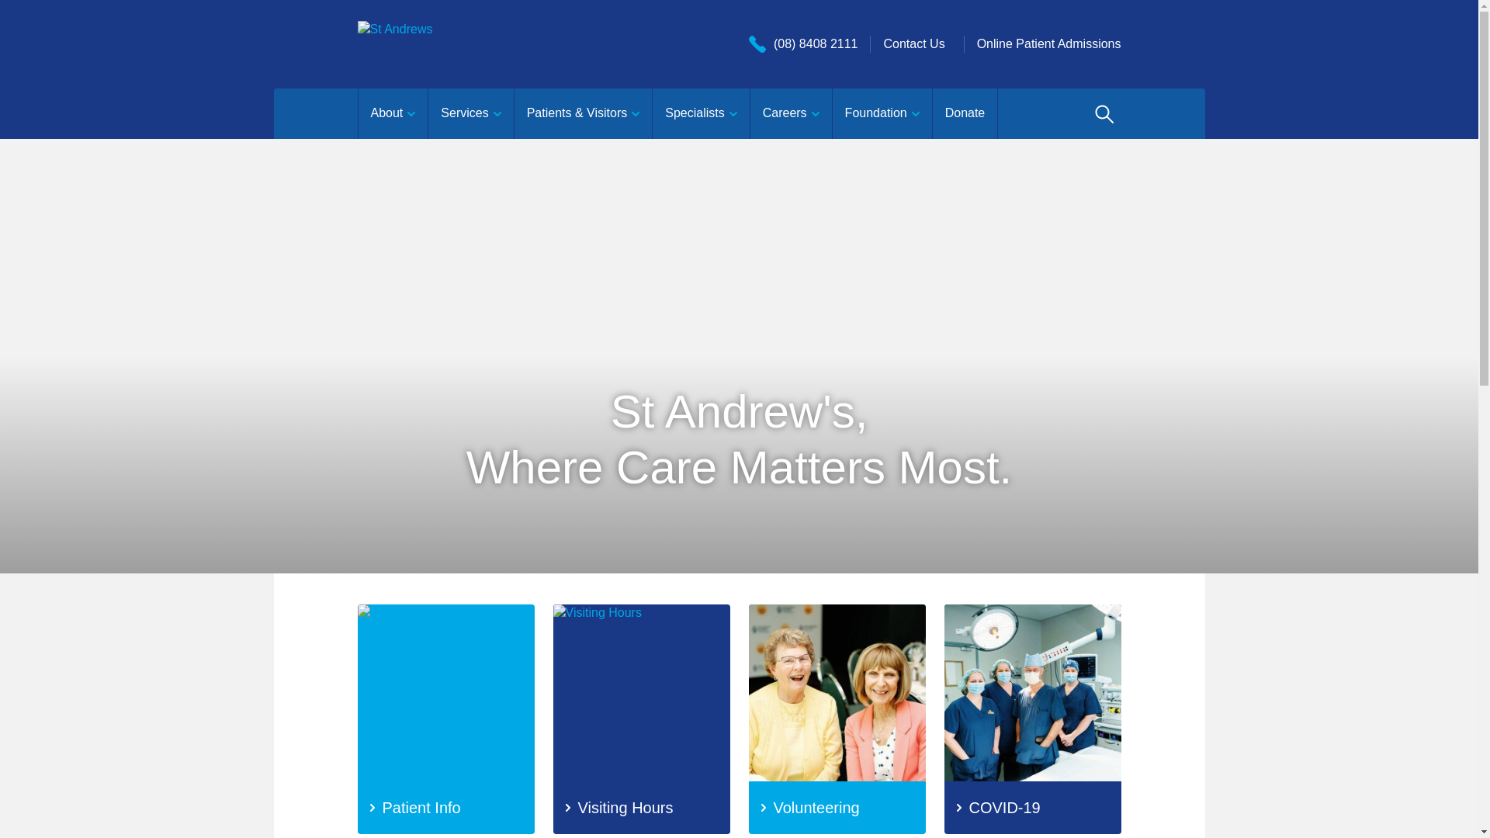 The height and width of the screenshot is (838, 1490). What do you see at coordinates (469, 113) in the screenshot?
I see `'Services'` at bounding box center [469, 113].